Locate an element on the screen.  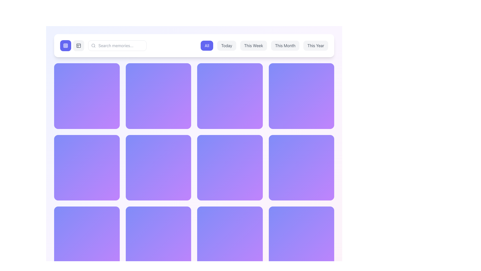
the displayed timestamp and metadata indicator located at the bottom-left of the grid structure, which shows the date '2024-02-28' and the number '18' is located at coordinates (142, 262).